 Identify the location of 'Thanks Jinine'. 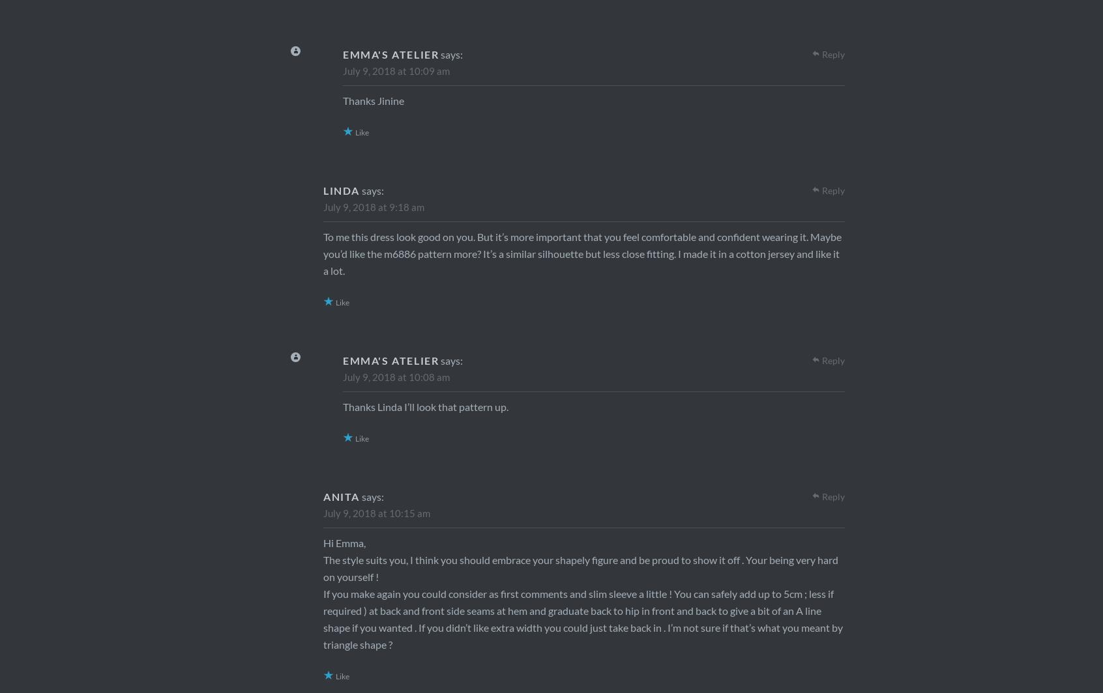
(373, 100).